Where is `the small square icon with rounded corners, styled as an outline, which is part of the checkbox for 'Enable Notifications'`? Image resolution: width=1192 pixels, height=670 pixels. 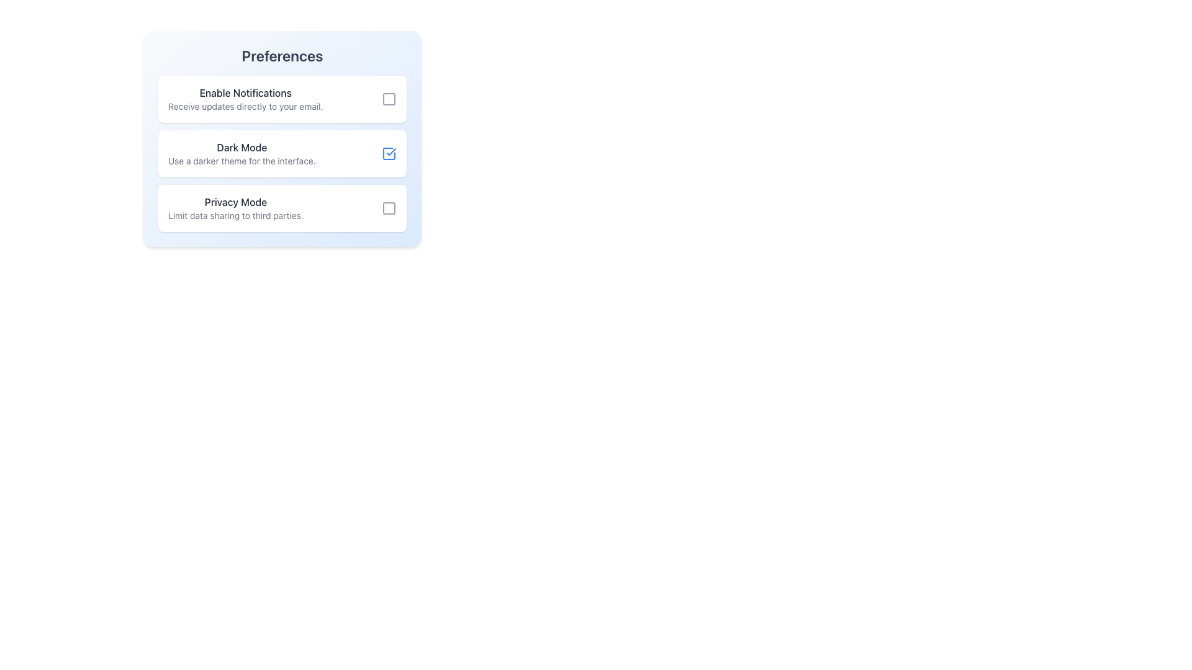
the small square icon with rounded corners, styled as an outline, which is part of the checkbox for 'Enable Notifications' is located at coordinates (389, 98).